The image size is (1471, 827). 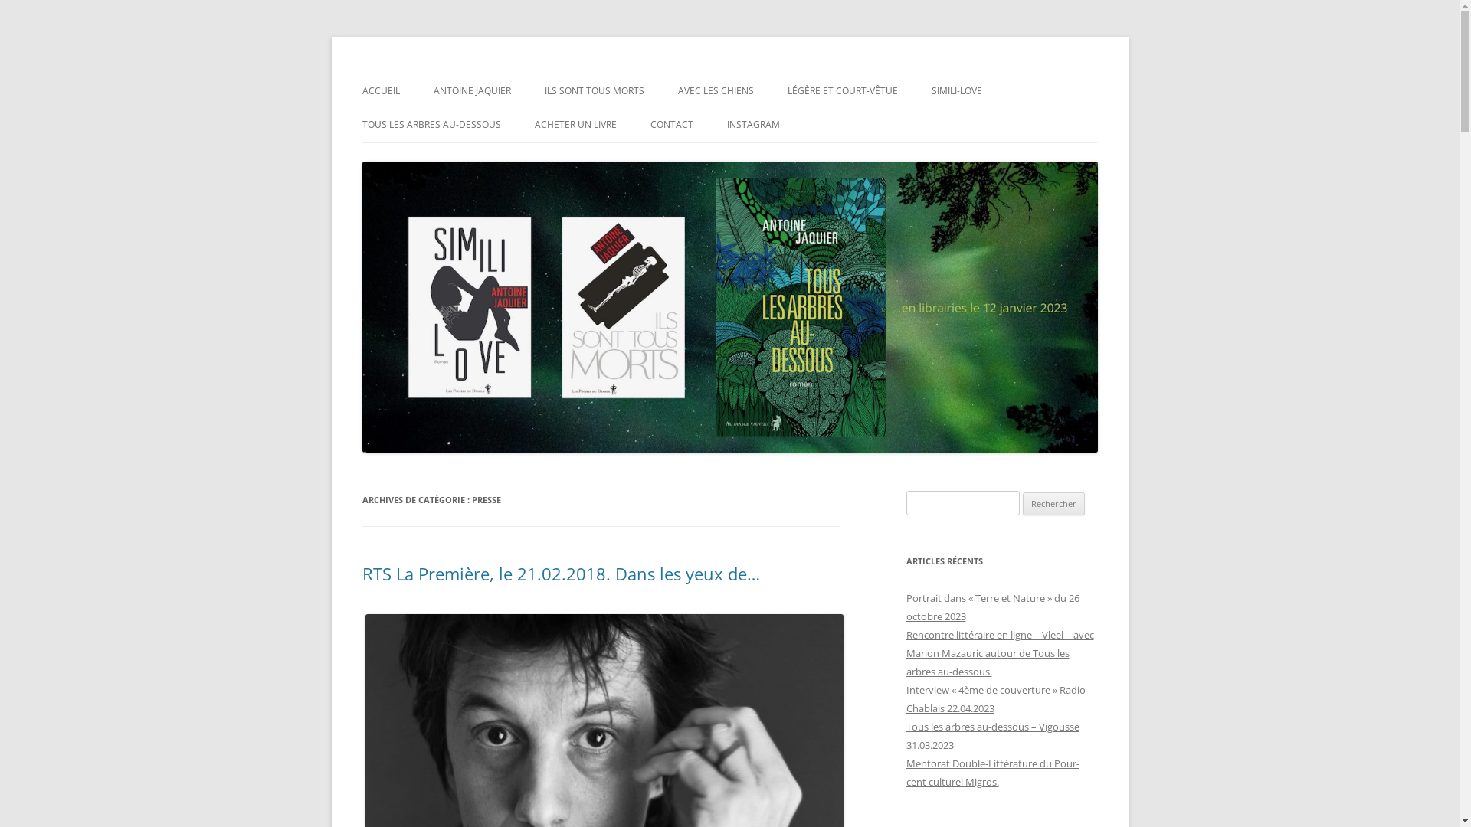 What do you see at coordinates (714, 91) in the screenshot?
I see `'AVEC LES CHIENS'` at bounding box center [714, 91].